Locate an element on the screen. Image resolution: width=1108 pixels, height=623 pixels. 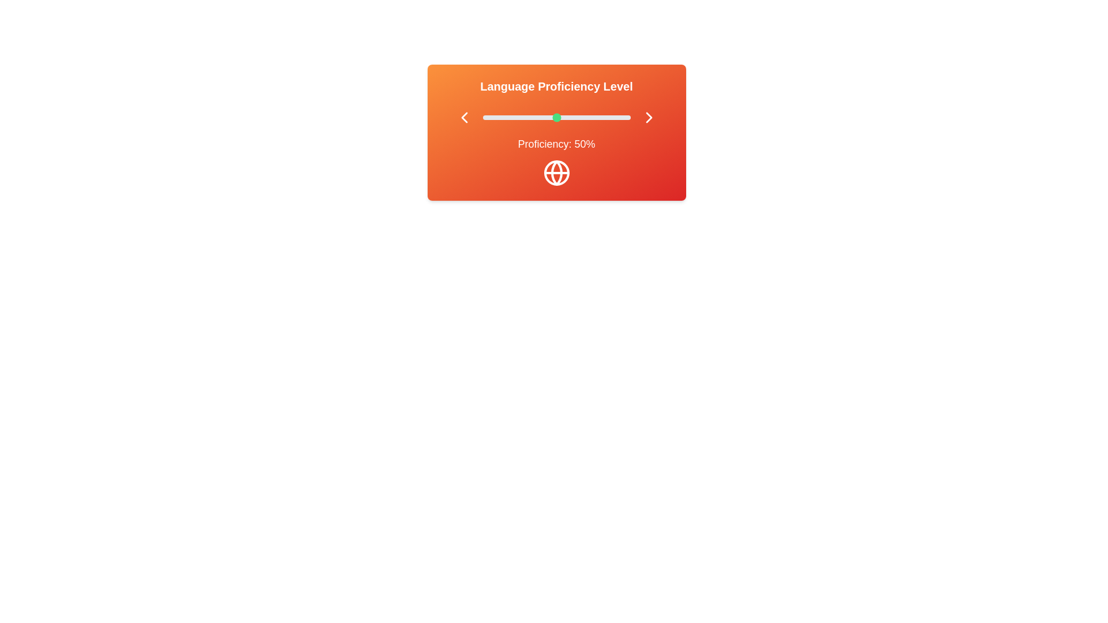
the globe icon to interact with it is located at coordinates (556, 173).